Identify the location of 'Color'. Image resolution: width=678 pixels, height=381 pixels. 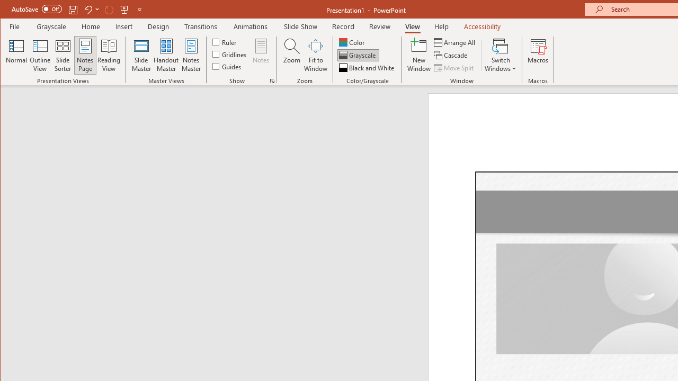
(353, 42).